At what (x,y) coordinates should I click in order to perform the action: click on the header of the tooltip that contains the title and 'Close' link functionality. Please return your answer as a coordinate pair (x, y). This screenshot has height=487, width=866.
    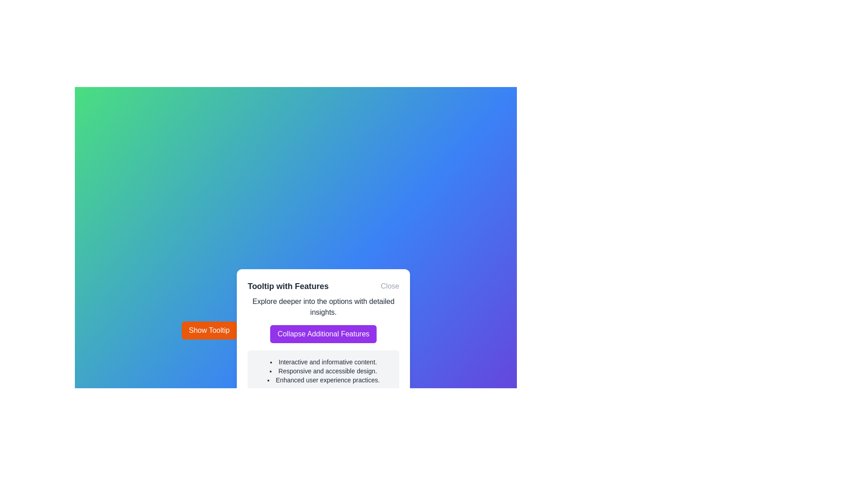
    Looking at the image, I should click on (323, 286).